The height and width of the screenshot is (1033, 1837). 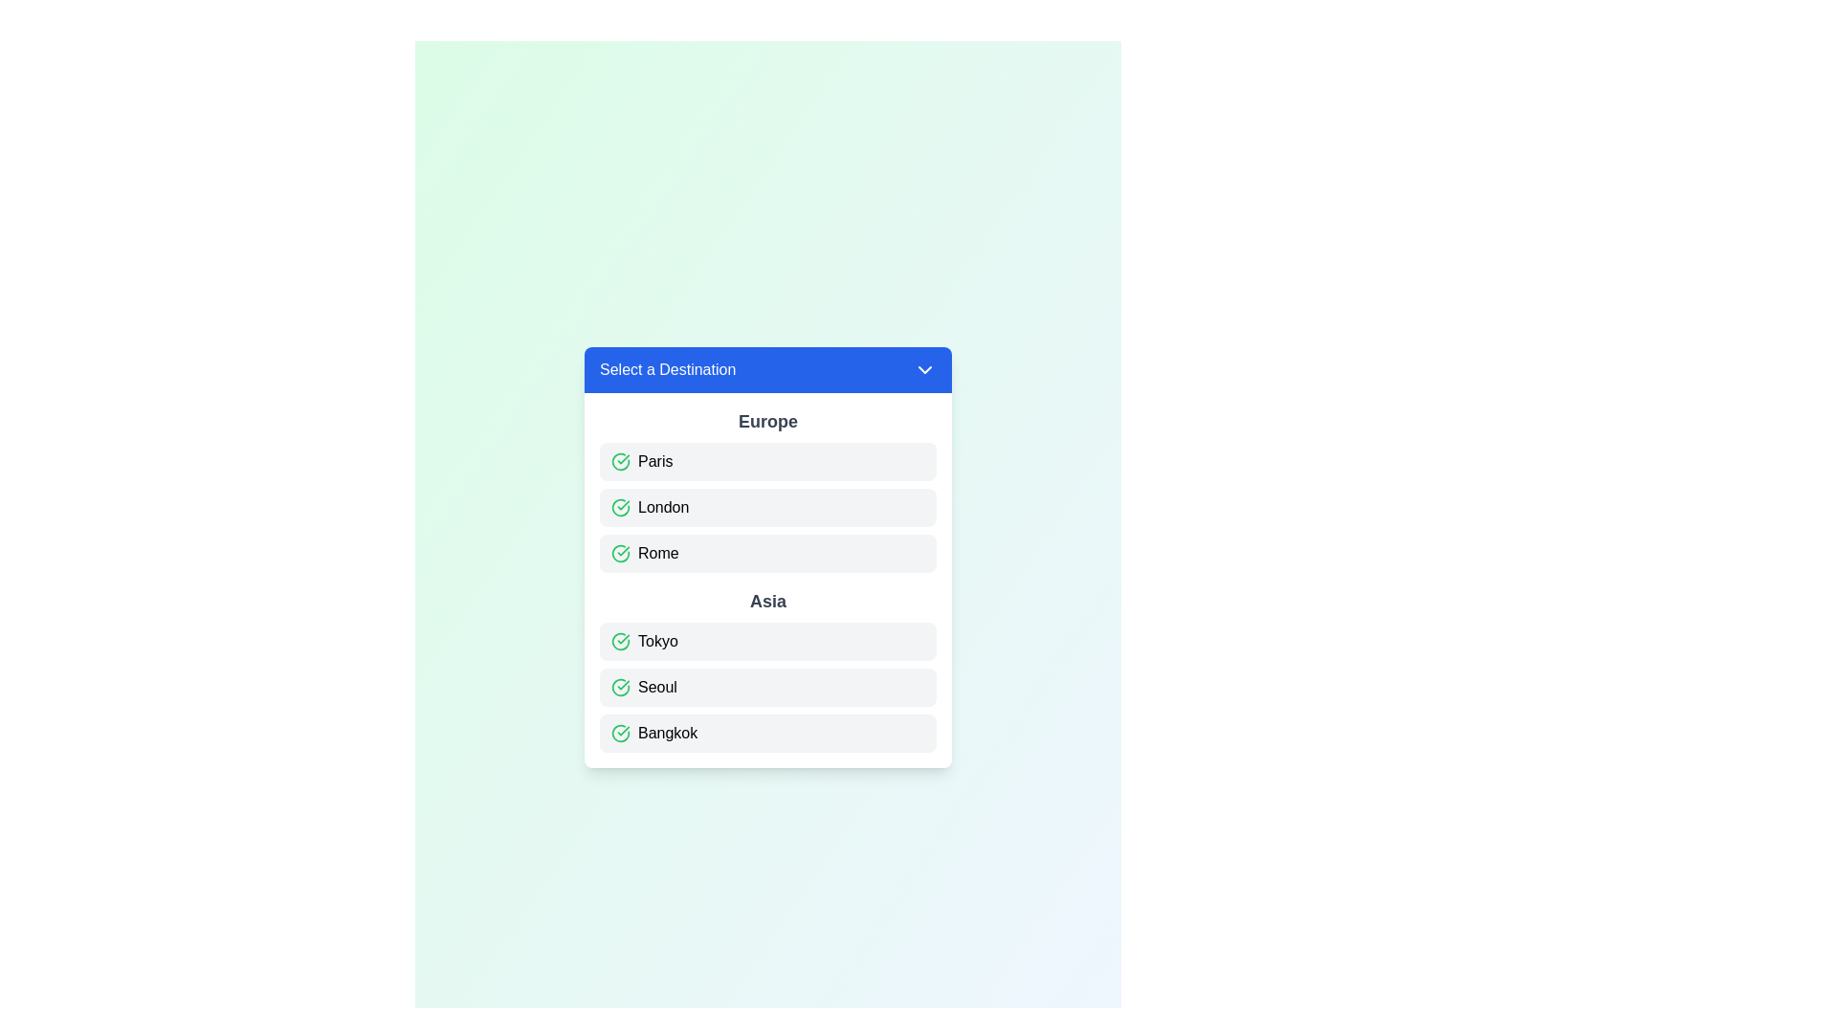 I want to click on the selectable option 'London' within the dropdown menu, which is the second clickable row under the 'Europe' section, so click(x=767, y=507).